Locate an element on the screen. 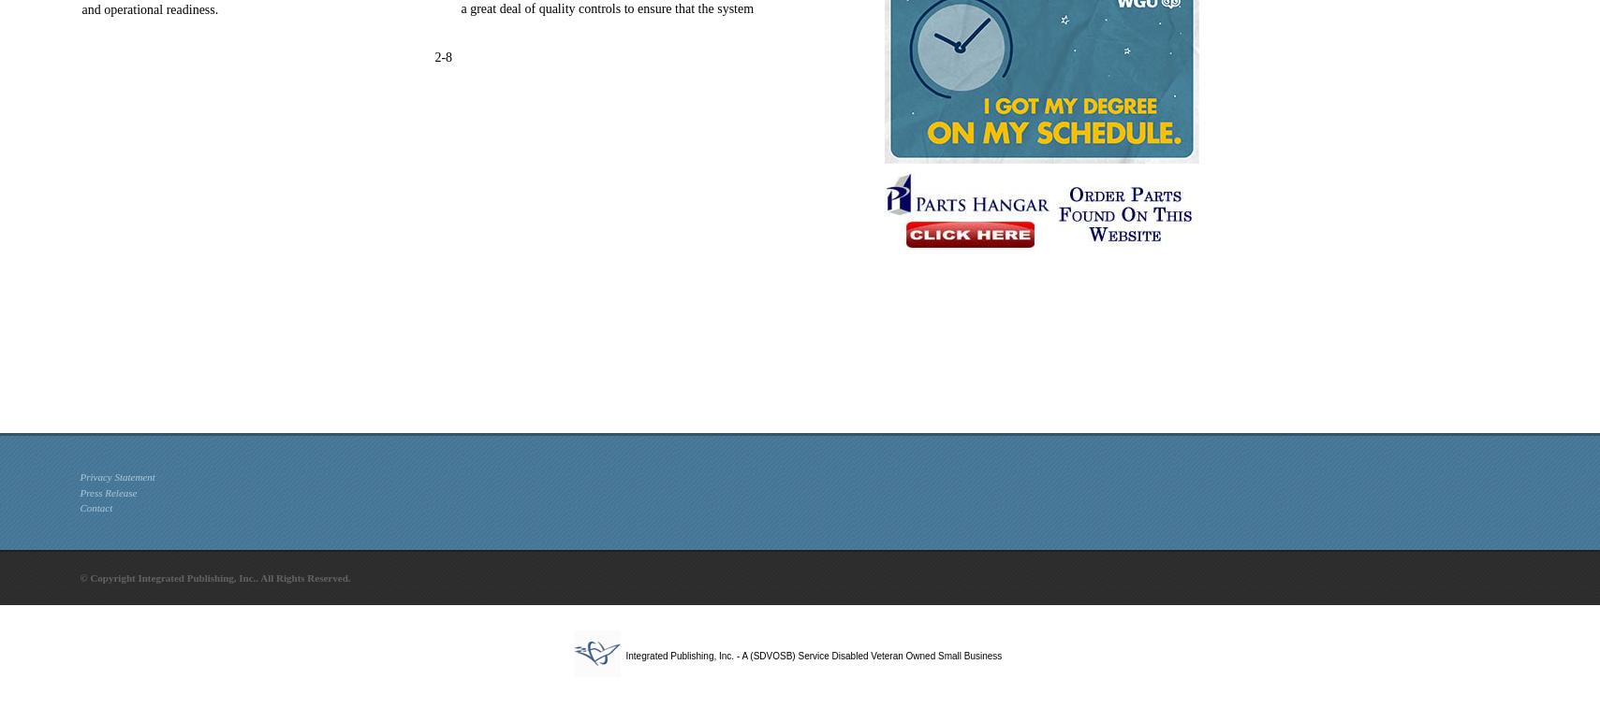 The image size is (1600, 708). 'Privacy Statement' is located at coordinates (115, 476).